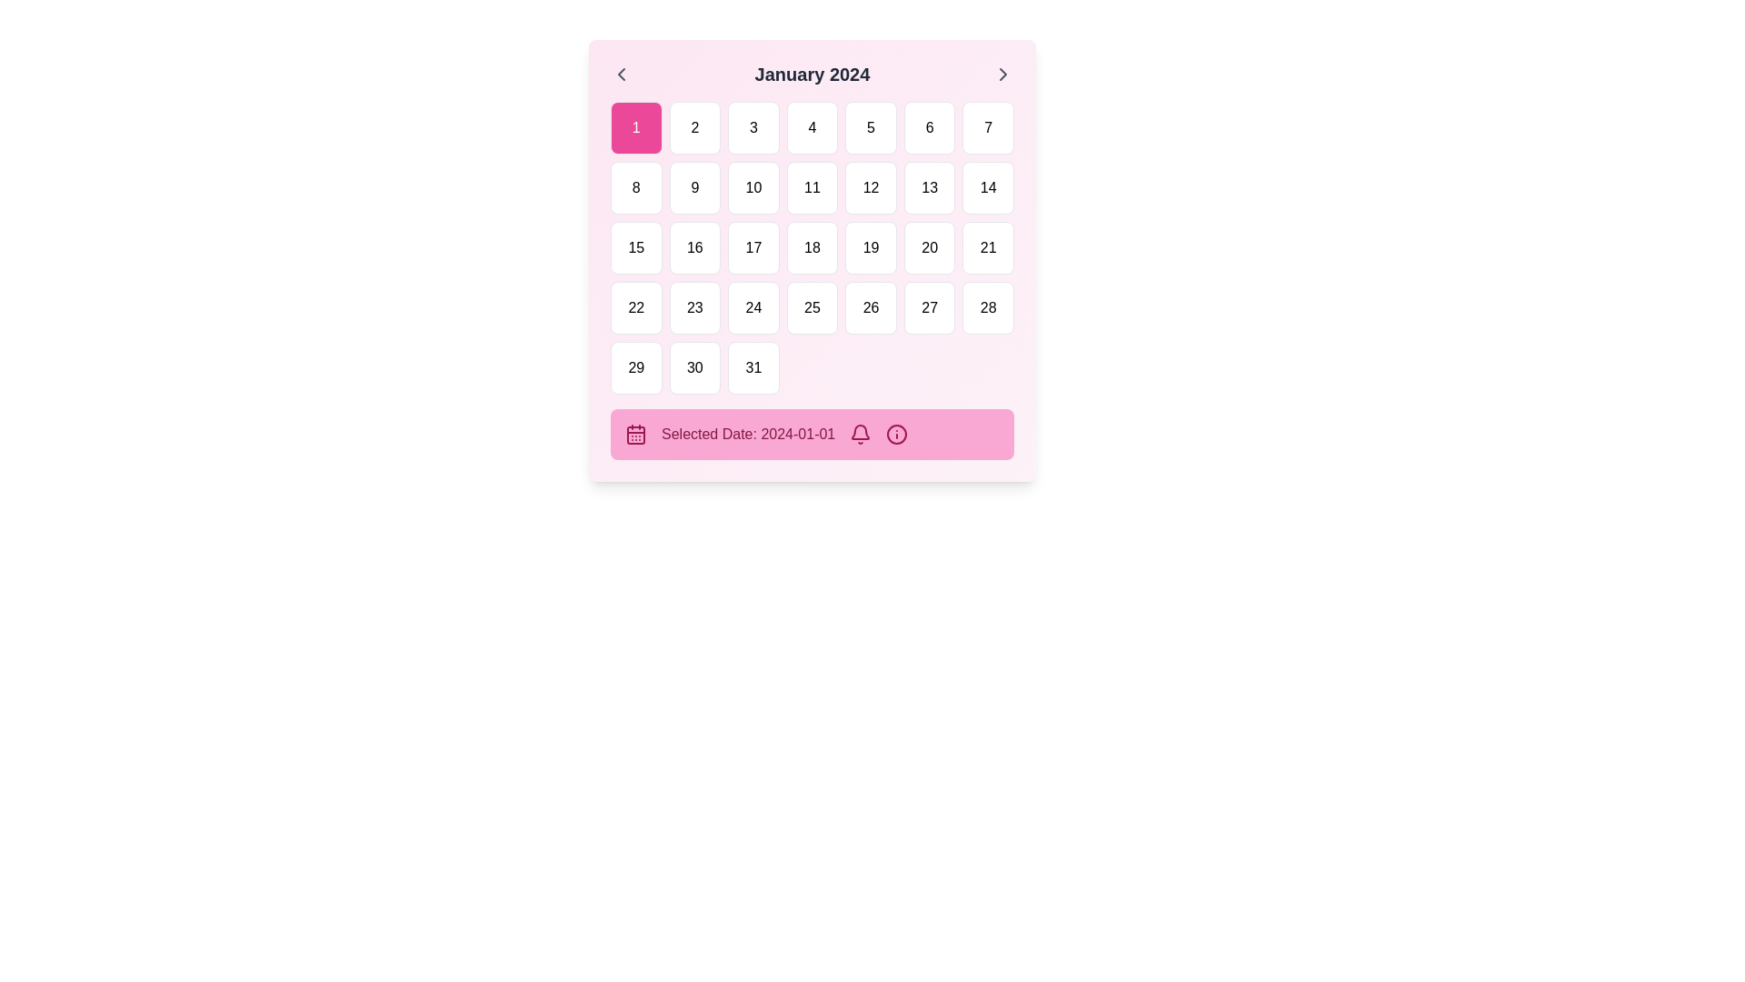 Image resolution: width=1745 pixels, height=982 pixels. What do you see at coordinates (930, 248) in the screenshot?
I see `the calendar day box representing the 20th day of the month` at bounding box center [930, 248].